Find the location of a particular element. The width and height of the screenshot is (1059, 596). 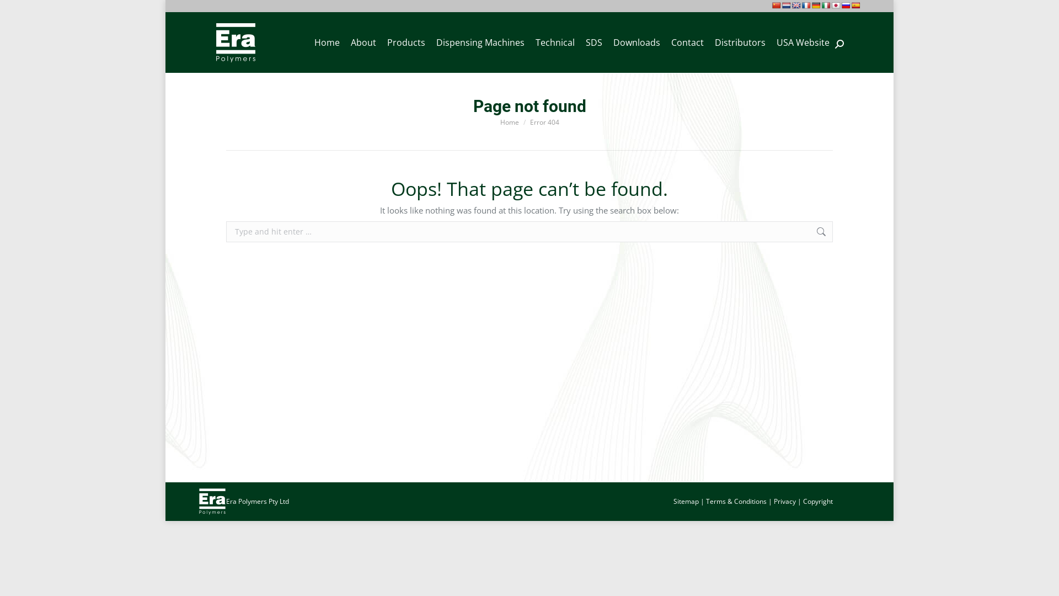

'Japanese' is located at coordinates (836, 6).